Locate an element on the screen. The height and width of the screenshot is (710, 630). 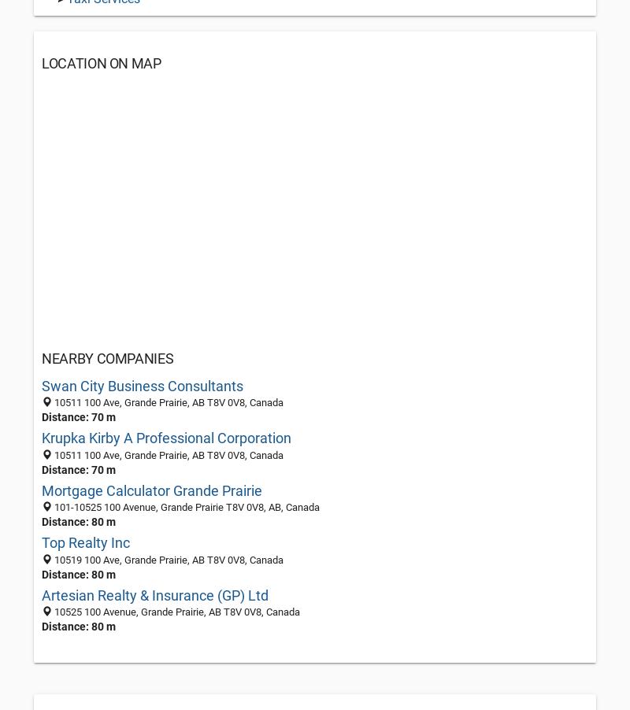
'101-10525 100 Avenue, Grande Prairie T8V 0V8, AB, Canada' is located at coordinates (185, 506).